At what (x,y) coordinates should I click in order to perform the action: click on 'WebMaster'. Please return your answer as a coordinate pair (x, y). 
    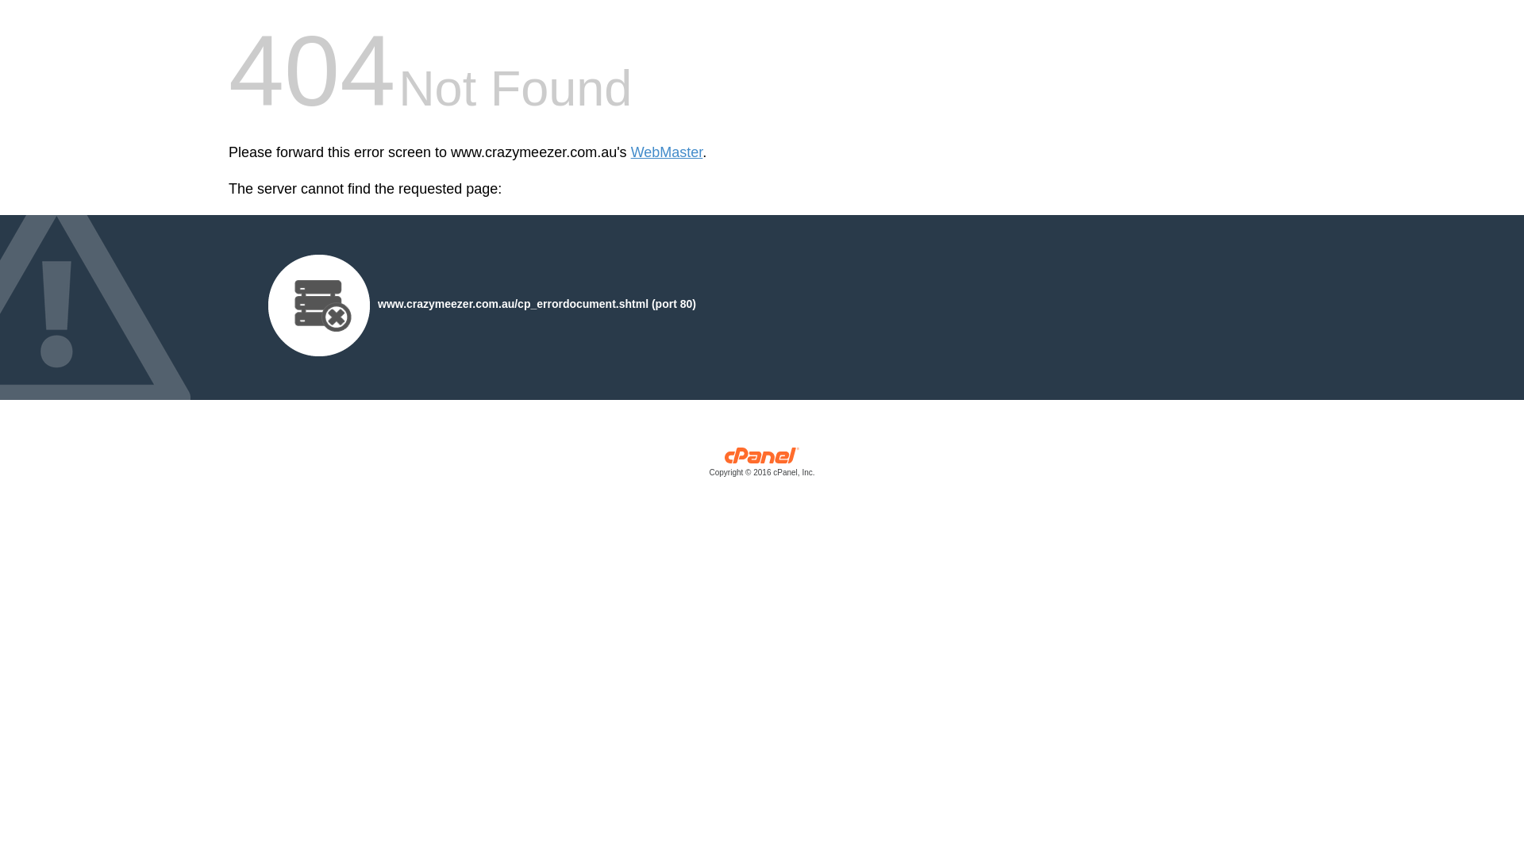
    Looking at the image, I should click on (667, 152).